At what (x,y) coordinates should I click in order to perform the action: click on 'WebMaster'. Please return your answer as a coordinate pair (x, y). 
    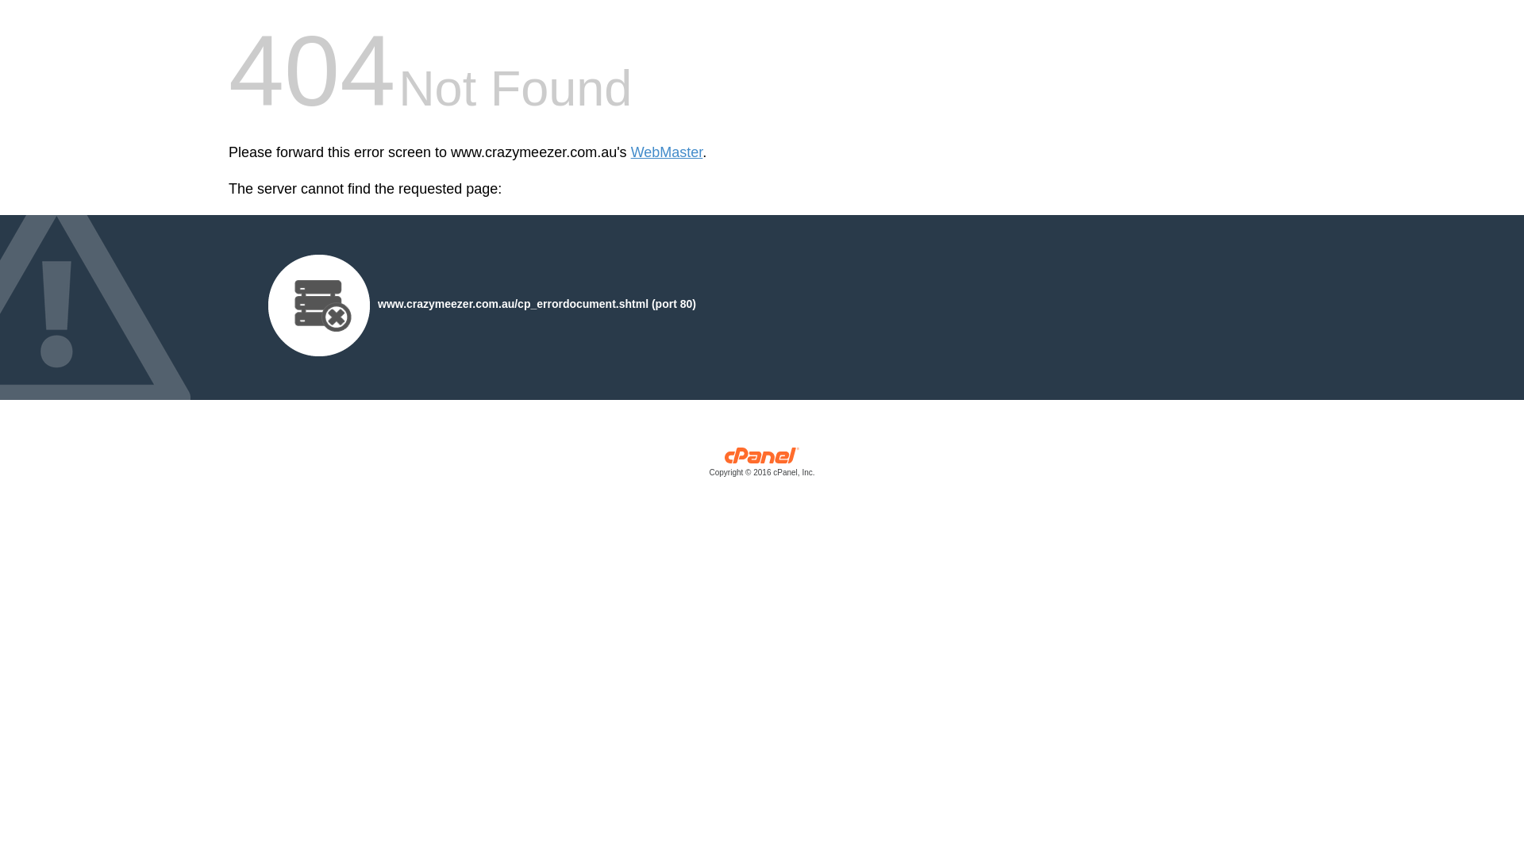
    Looking at the image, I should click on (667, 152).